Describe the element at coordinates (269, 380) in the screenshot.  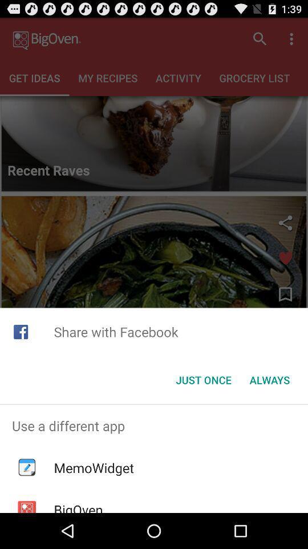
I see `the always` at that location.